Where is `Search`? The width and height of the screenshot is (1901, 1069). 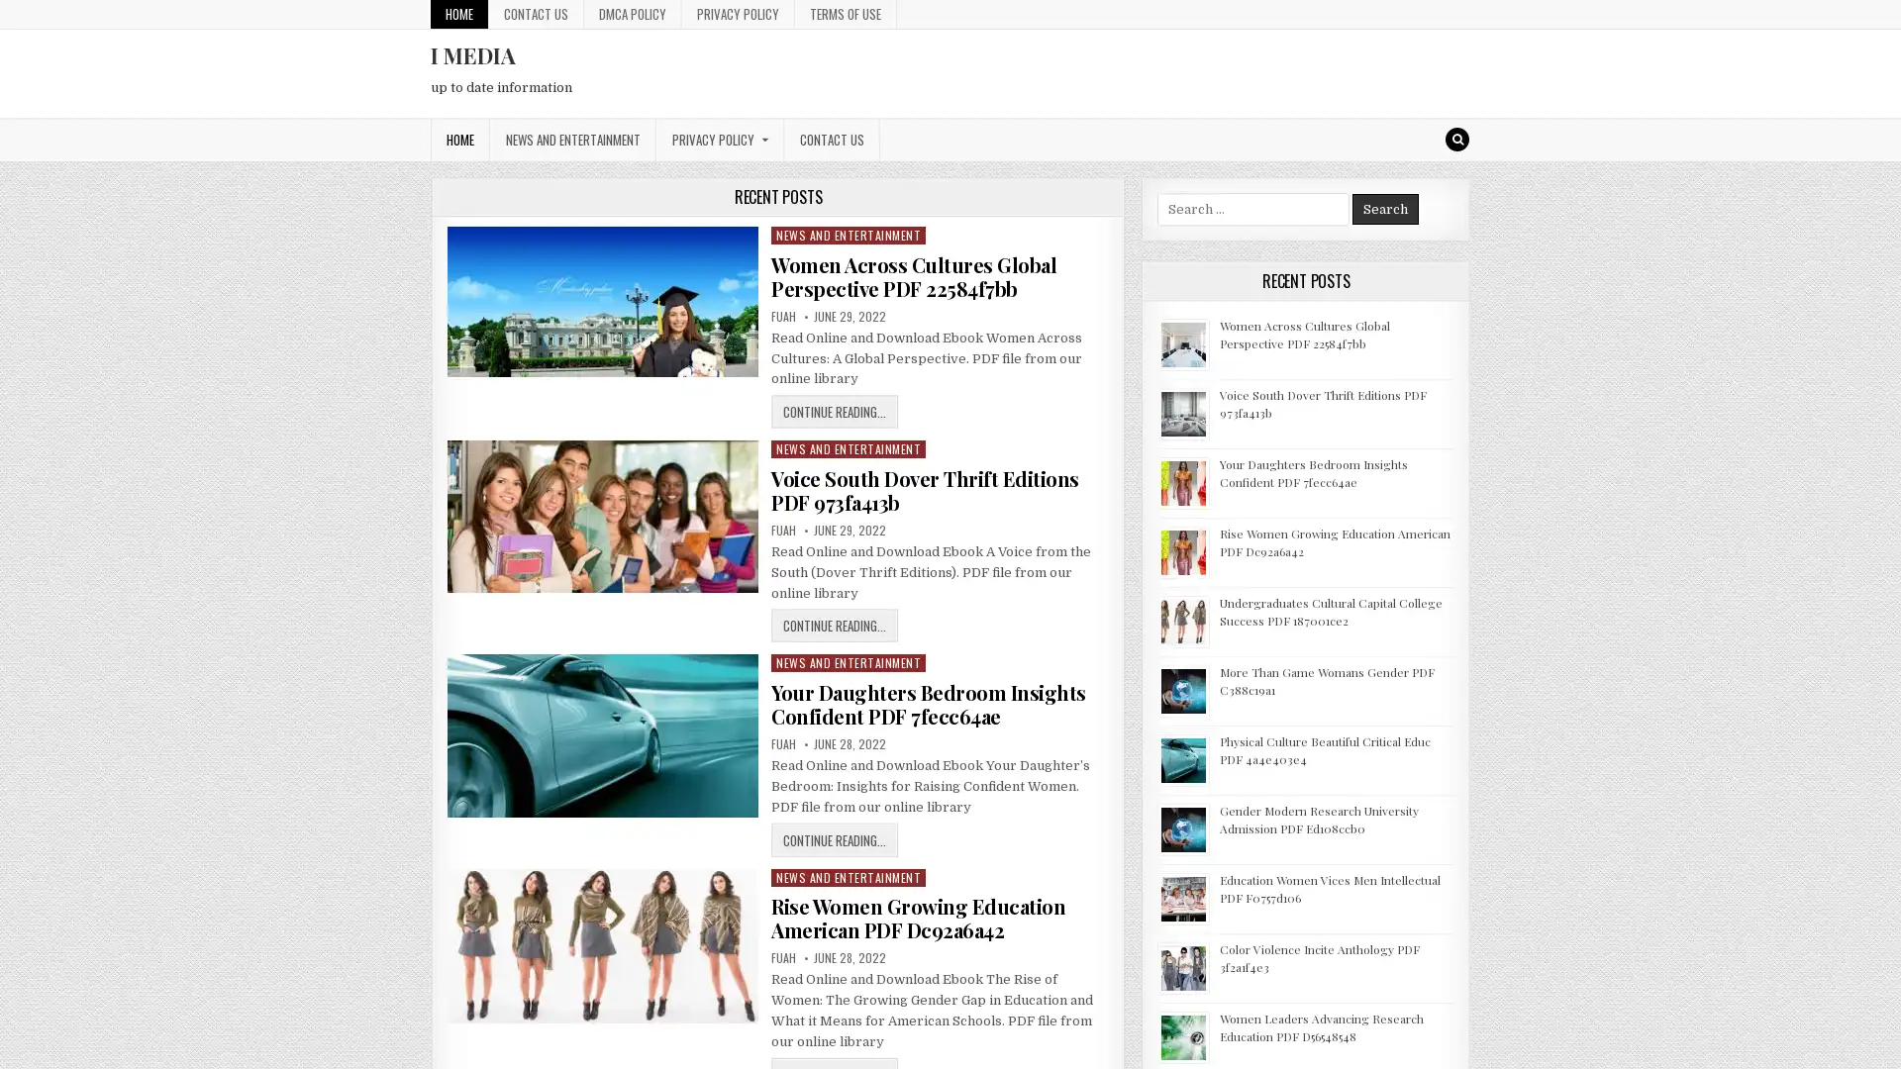 Search is located at coordinates (1384, 209).